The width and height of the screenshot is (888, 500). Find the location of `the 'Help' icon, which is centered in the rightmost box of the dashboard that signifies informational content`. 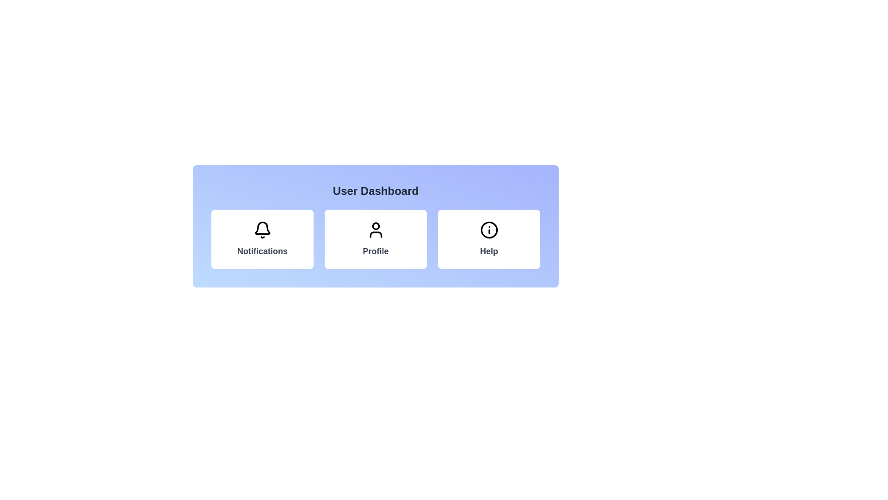

the 'Help' icon, which is centered in the rightmost box of the dashboard that signifies informational content is located at coordinates (488, 230).